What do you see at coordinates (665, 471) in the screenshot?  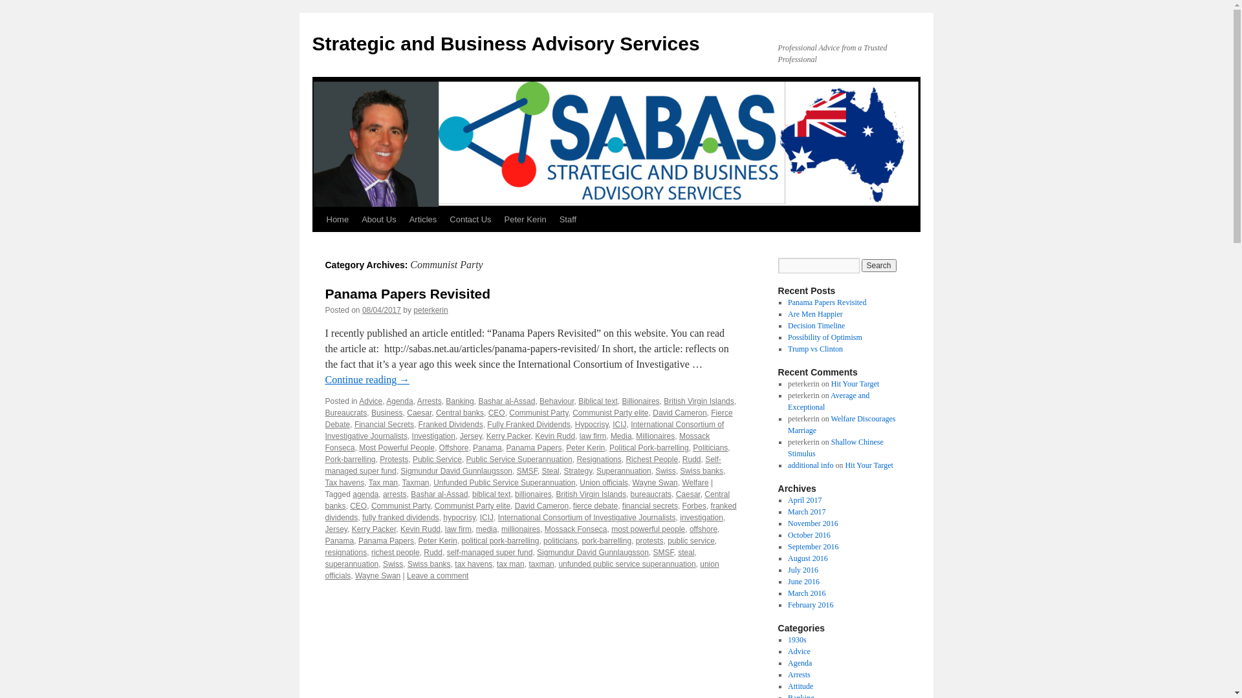 I see `'Swiss'` at bounding box center [665, 471].